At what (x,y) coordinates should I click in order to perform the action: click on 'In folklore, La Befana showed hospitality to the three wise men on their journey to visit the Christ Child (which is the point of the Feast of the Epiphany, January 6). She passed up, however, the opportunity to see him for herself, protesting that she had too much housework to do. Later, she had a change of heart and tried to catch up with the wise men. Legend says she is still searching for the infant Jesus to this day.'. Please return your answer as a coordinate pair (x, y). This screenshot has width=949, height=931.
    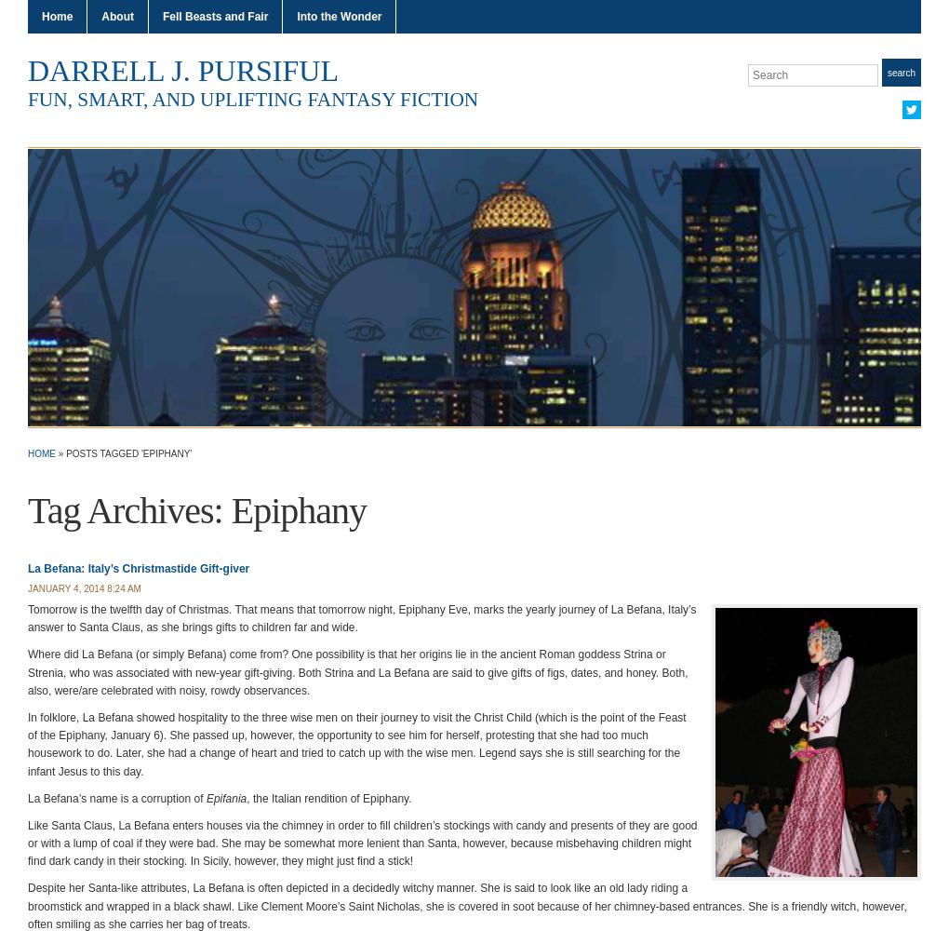
    Looking at the image, I should click on (355, 744).